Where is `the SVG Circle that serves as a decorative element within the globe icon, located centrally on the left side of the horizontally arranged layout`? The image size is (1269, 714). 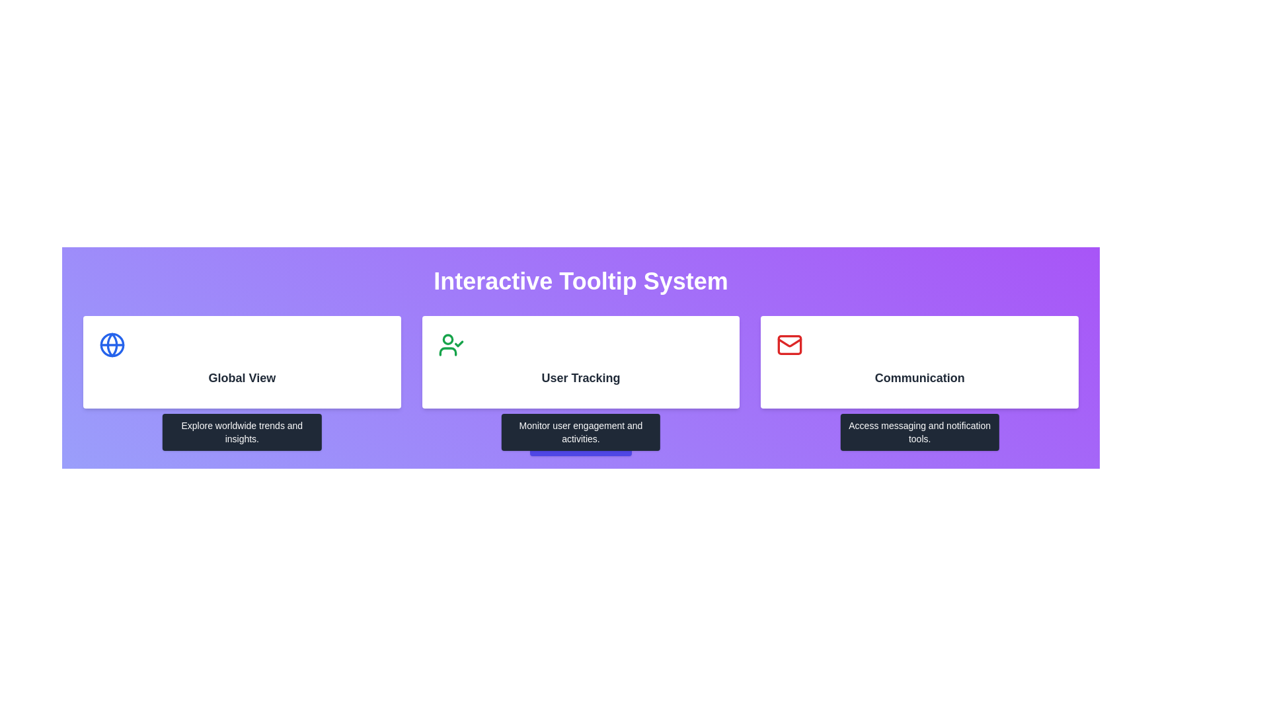
the SVG Circle that serves as a decorative element within the globe icon, located centrally on the left side of the horizontally arranged layout is located at coordinates (112, 344).